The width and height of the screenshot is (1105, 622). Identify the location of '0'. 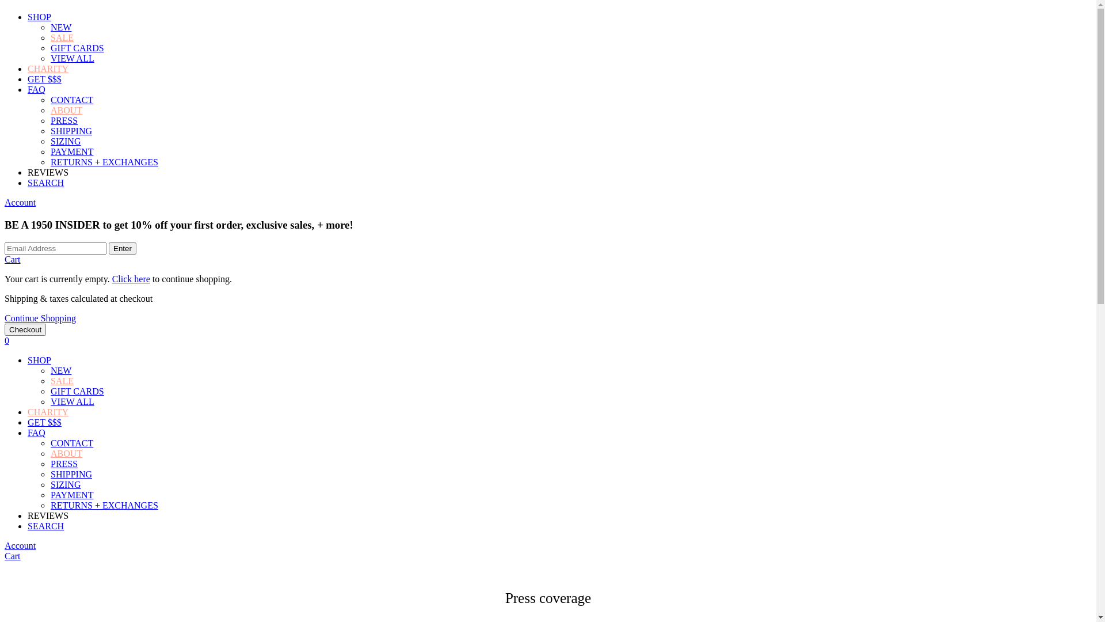
(7, 340).